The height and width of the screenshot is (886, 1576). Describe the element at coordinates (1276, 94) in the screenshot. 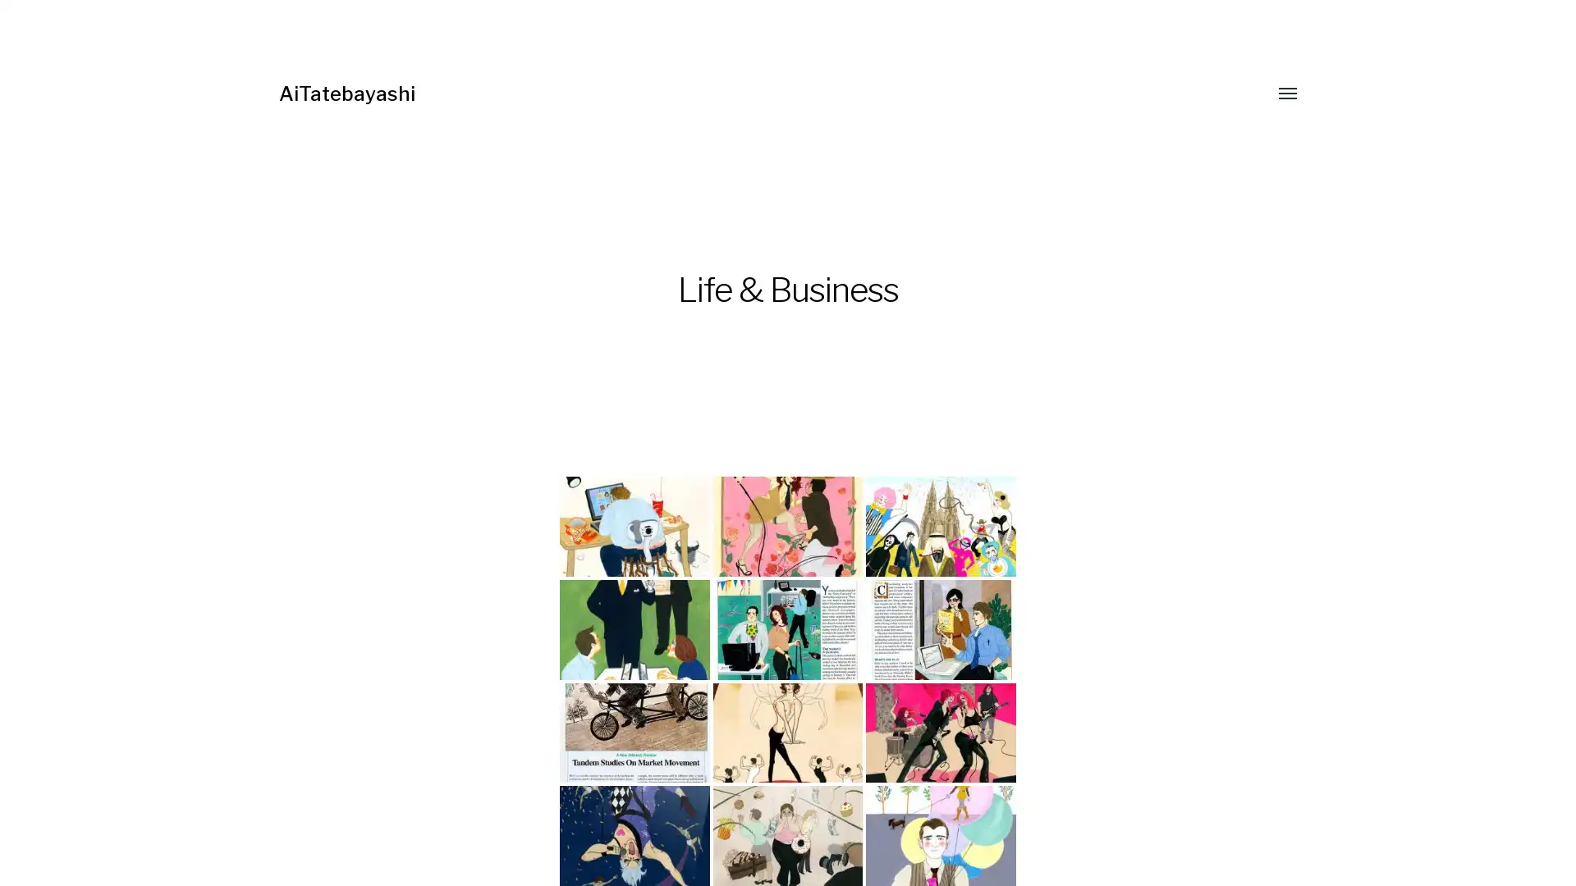

I see `Toggle menu` at that location.